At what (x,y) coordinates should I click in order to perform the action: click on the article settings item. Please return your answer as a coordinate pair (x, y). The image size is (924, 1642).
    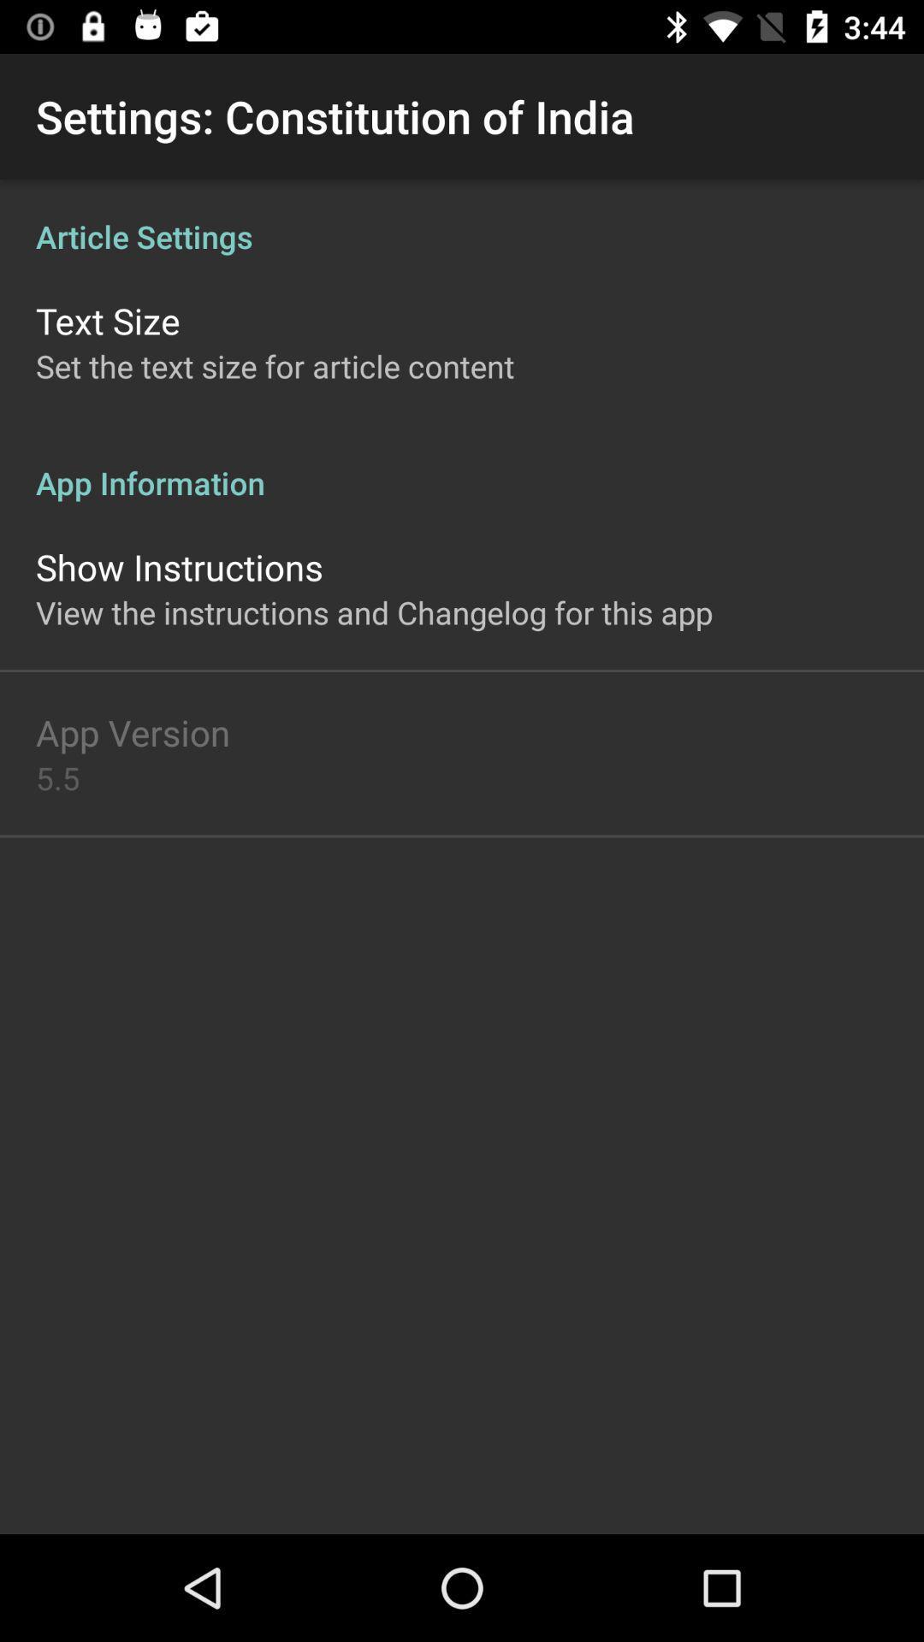
    Looking at the image, I should click on (462, 217).